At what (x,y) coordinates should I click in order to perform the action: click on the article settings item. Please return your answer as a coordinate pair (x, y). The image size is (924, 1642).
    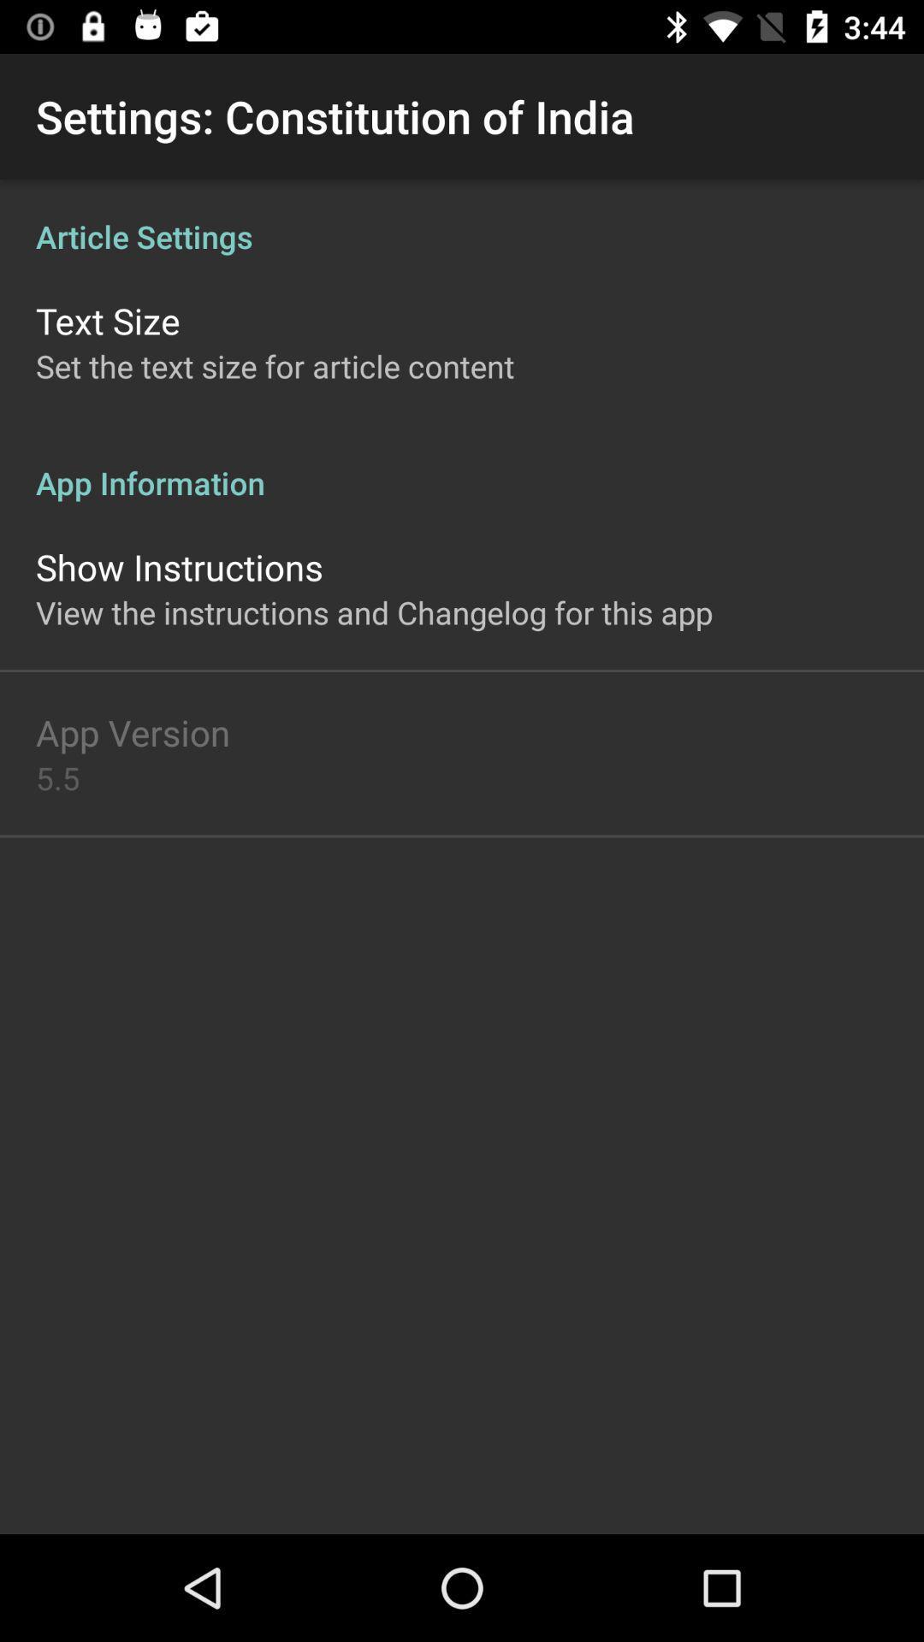
    Looking at the image, I should click on (462, 217).